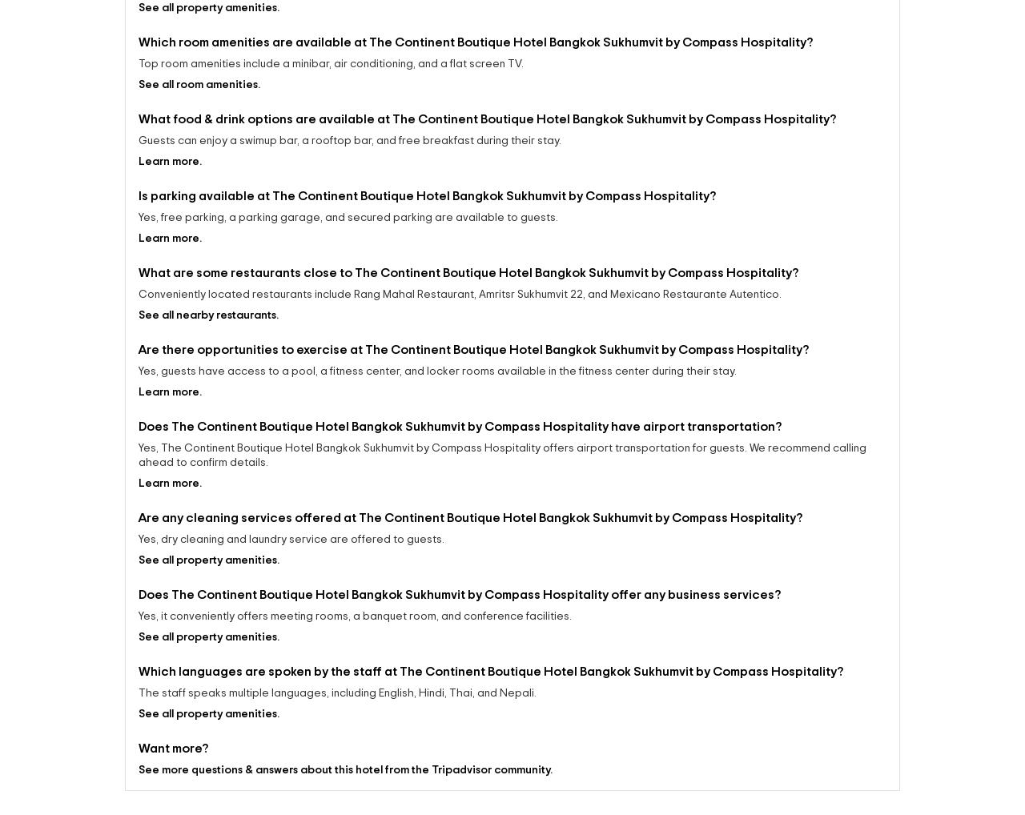 Image resolution: width=1025 pixels, height=815 pixels. What do you see at coordinates (347, 272) in the screenshot?
I see `'Yes, free parking, a parking garage, and secured parking are available to guests.'` at bounding box center [347, 272].